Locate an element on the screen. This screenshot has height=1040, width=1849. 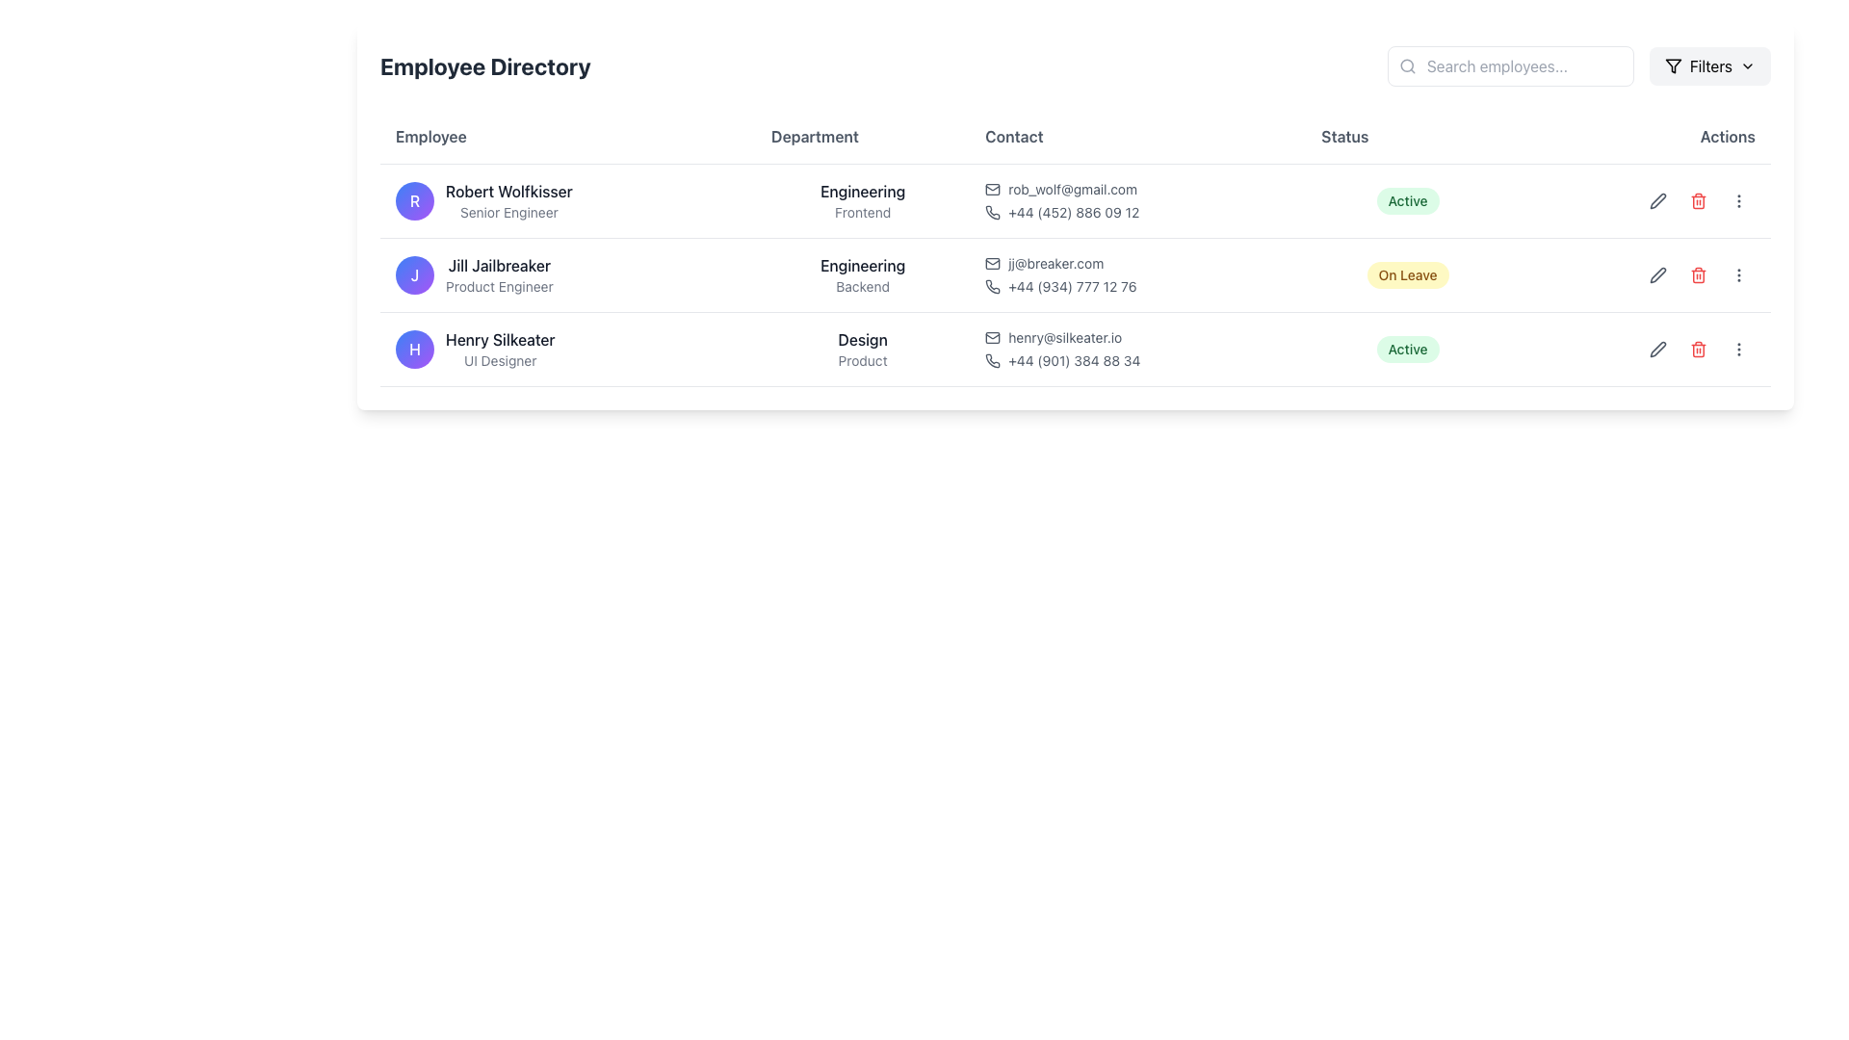
text styling of the phone number displayed in gray color, which is formatted as '+44 (934) 777 12 76' in the 'Contact' column of a table-like layout is located at coordinates (1071, 286).